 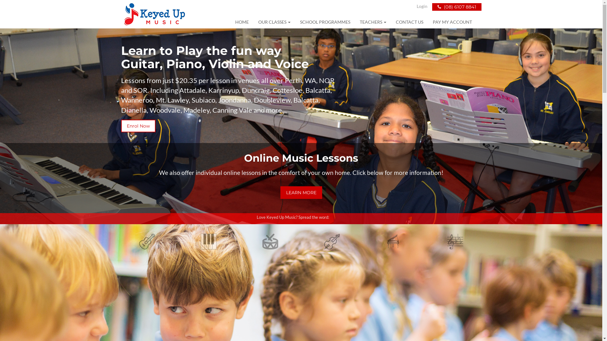 I want to click on 'CONTACT US', so click(x=409, y=21).